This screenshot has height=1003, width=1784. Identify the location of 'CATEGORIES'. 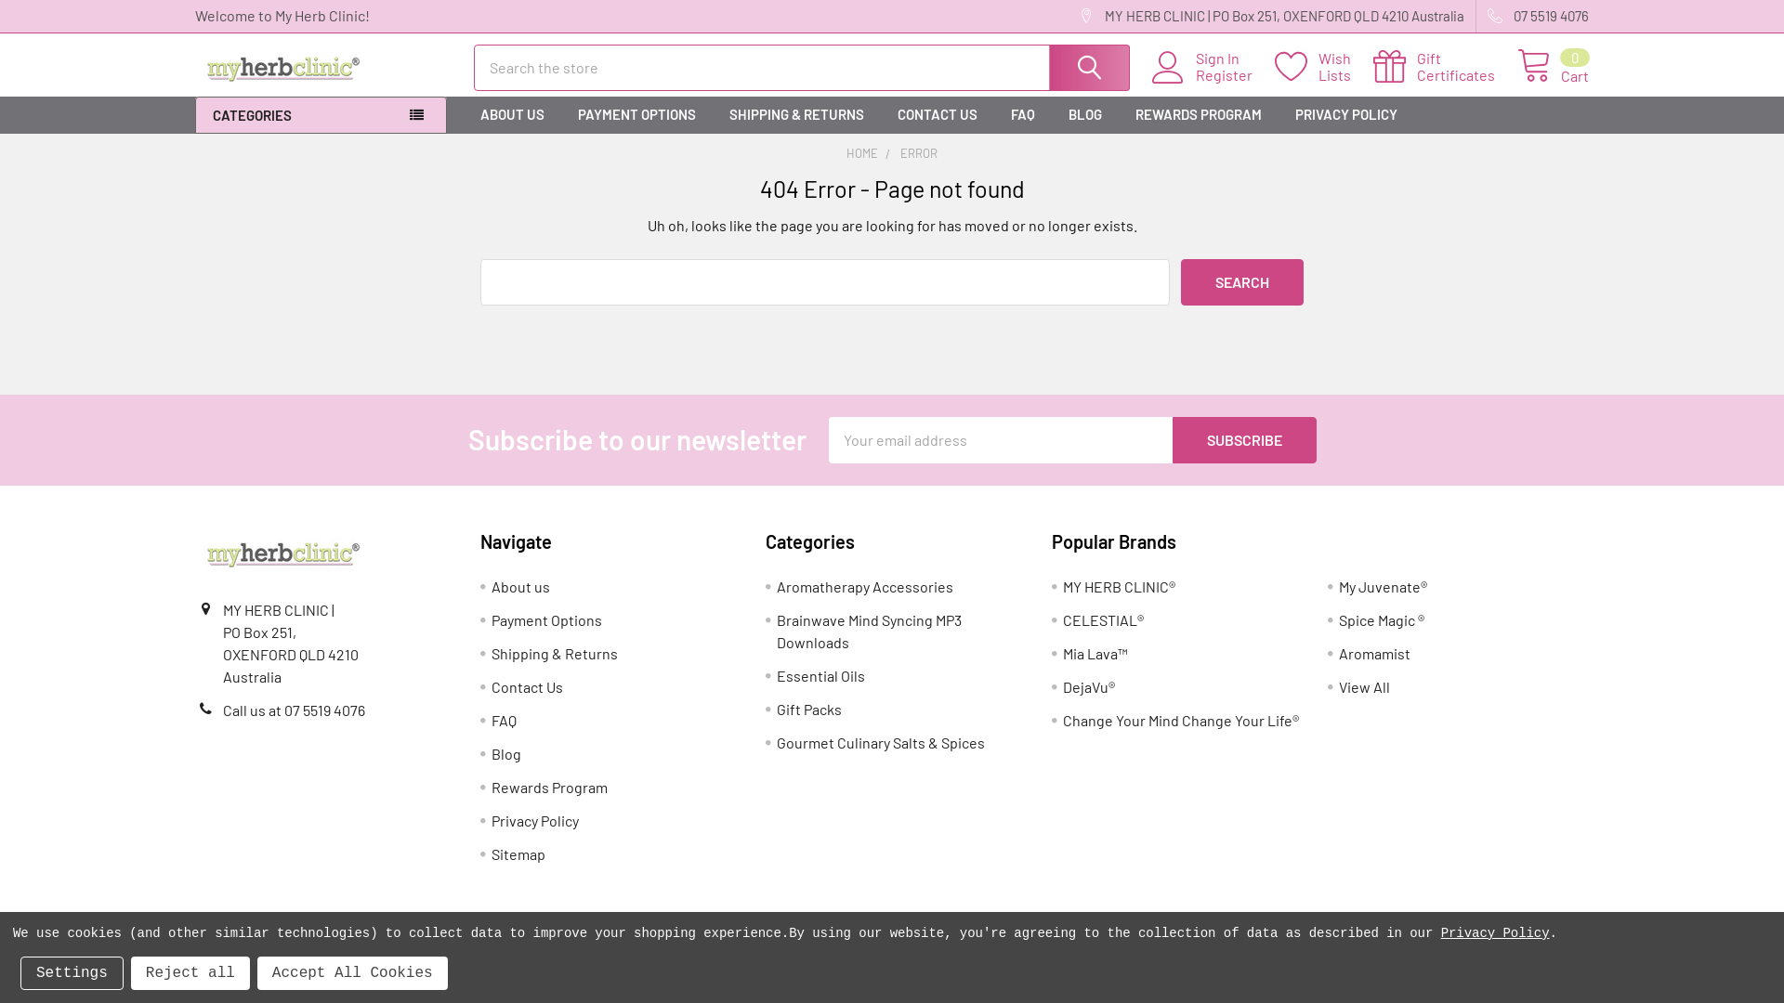
(321, 115).